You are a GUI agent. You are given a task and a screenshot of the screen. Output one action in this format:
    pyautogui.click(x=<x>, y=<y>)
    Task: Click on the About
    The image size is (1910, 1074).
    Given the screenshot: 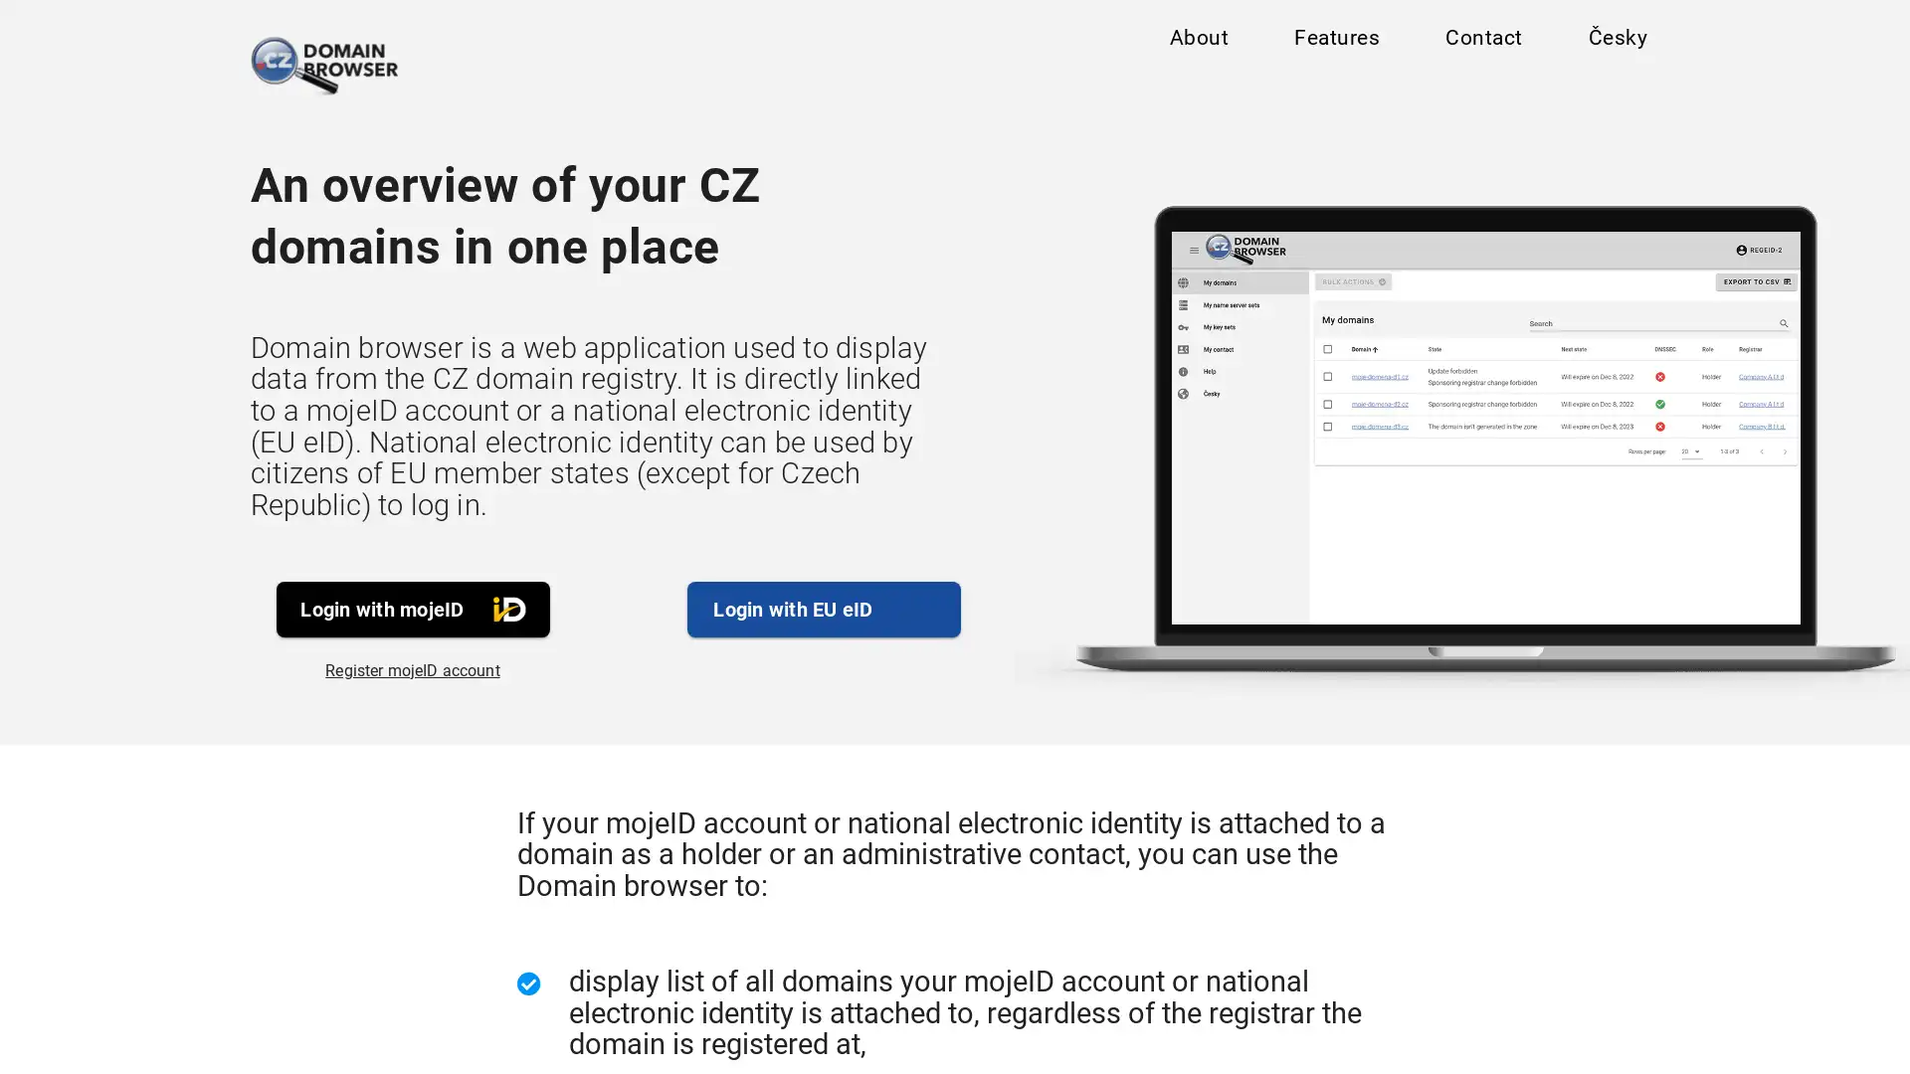 What is the action you would take?
    pyautogui.click(x=1197, y=42)
    